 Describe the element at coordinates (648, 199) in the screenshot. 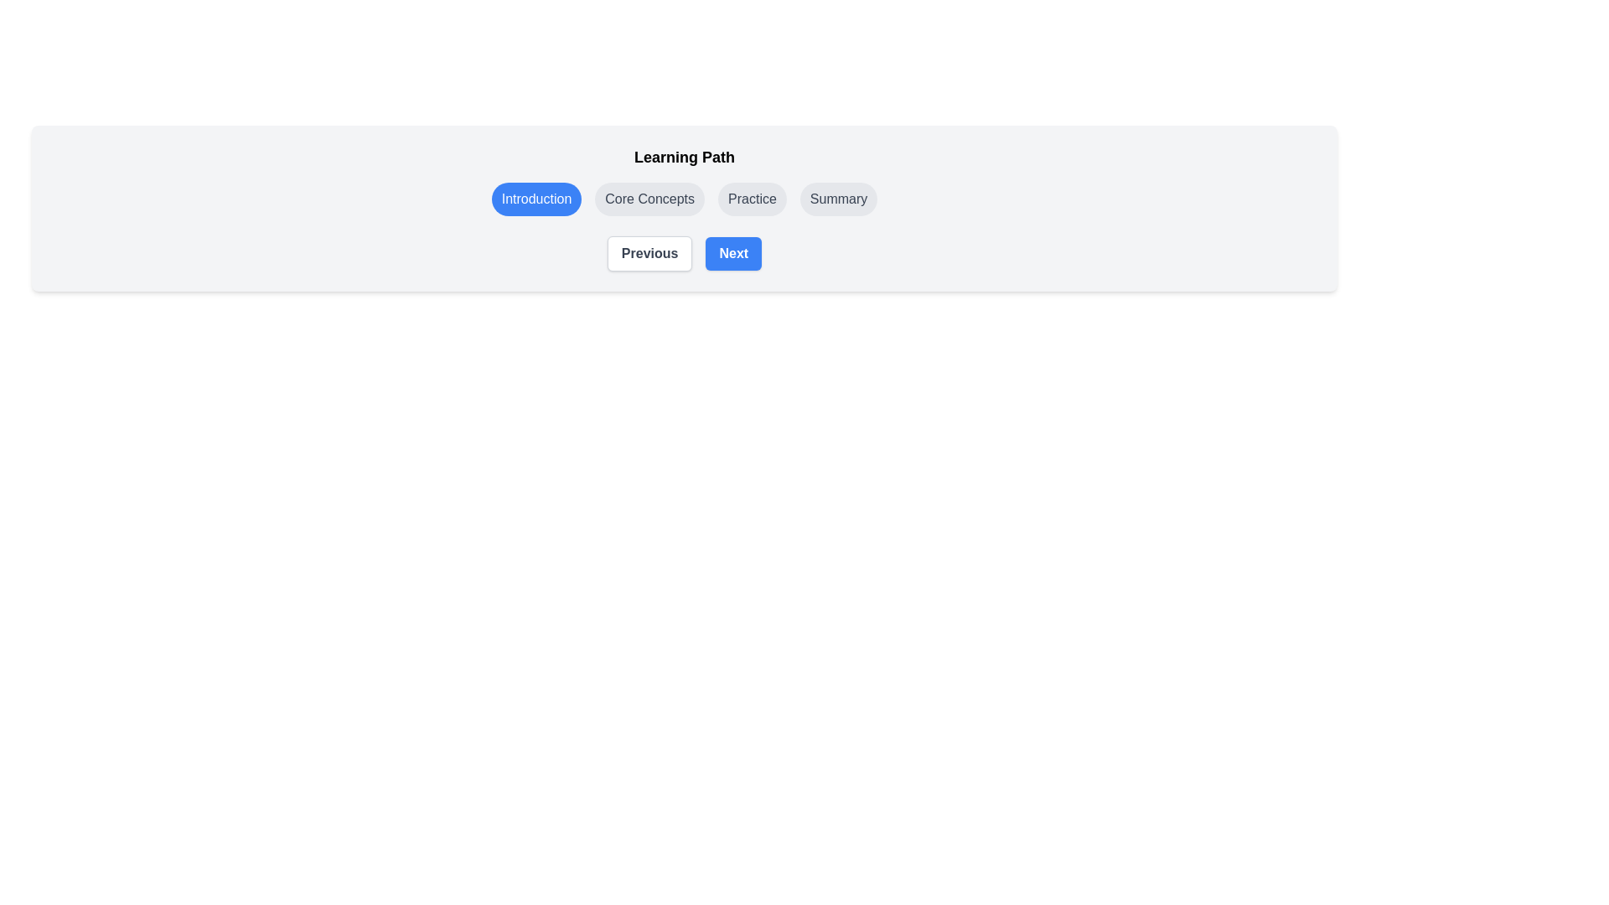

I see `the step Core Concepts by clicking on its corresponding button` at that location.